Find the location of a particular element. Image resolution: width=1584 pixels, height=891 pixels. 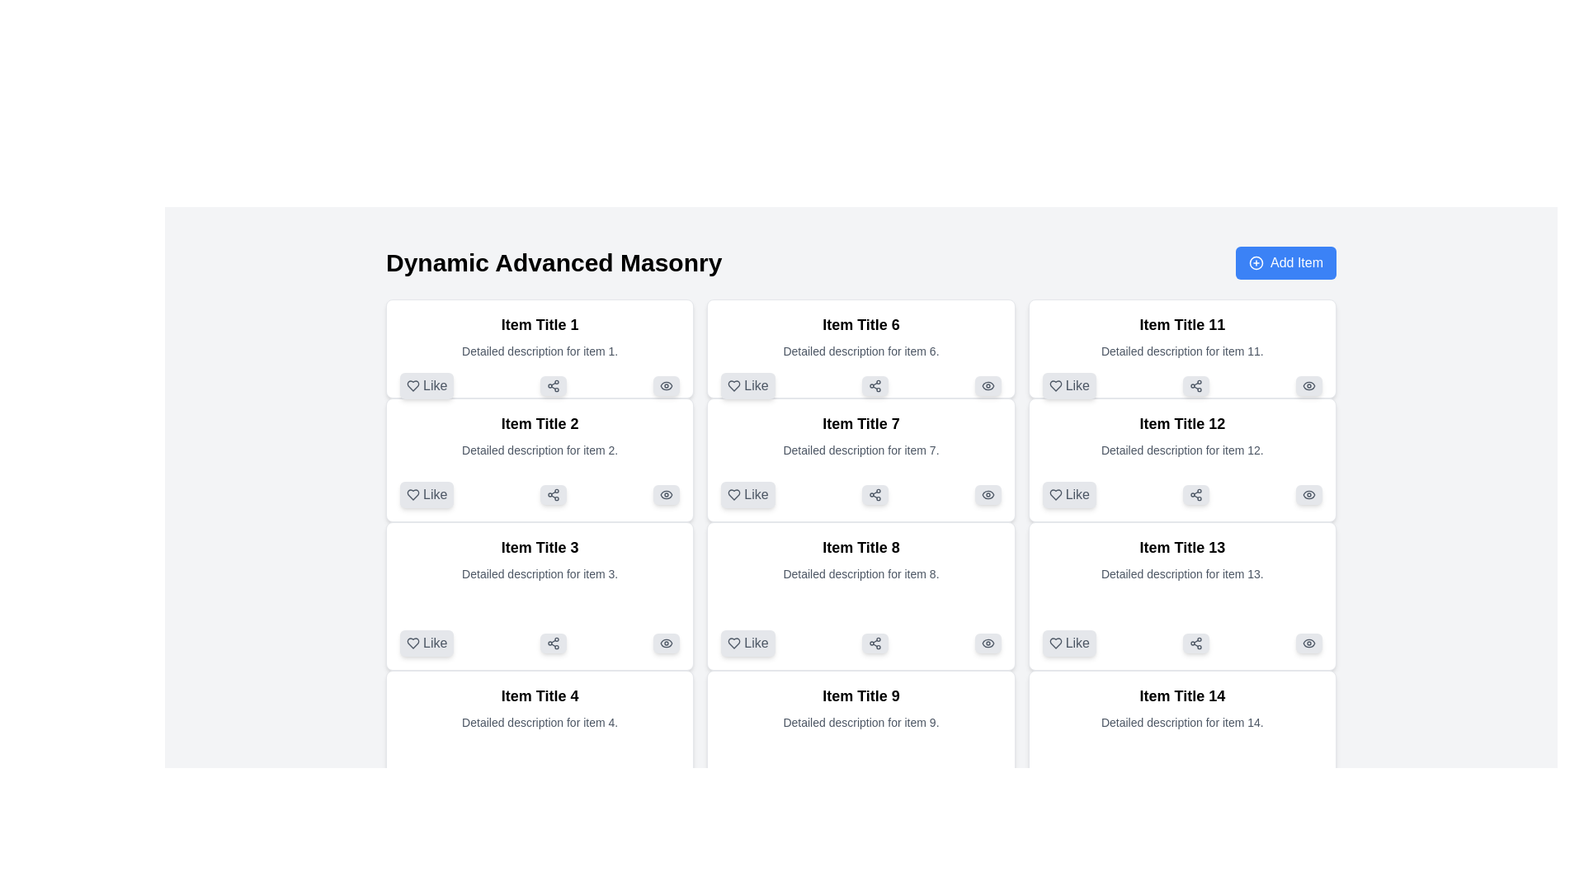

the heart SVG icon within the 'Like' button located in the card titled 'Item Title 11' is located at coordinates (1054, 385).